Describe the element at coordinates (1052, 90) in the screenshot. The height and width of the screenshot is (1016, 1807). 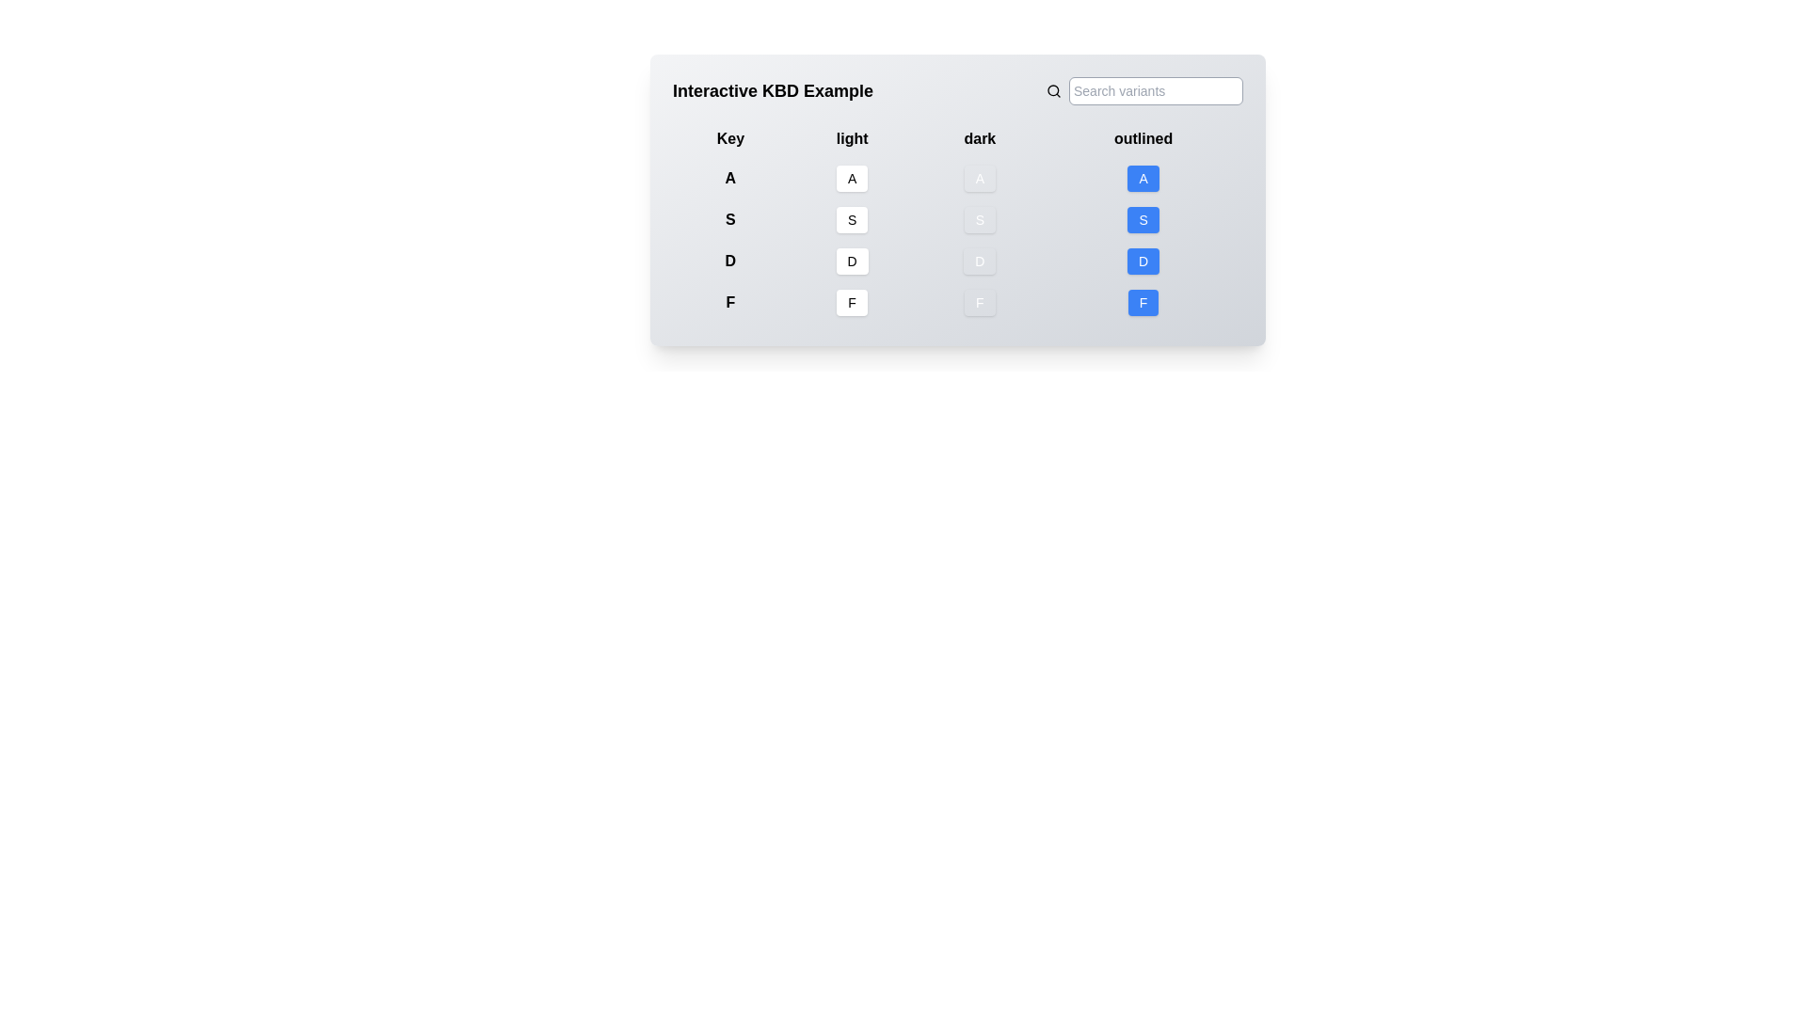
I see `the magnifying glass icon located immediately to the left of the 'Search variants' input field` at that location.